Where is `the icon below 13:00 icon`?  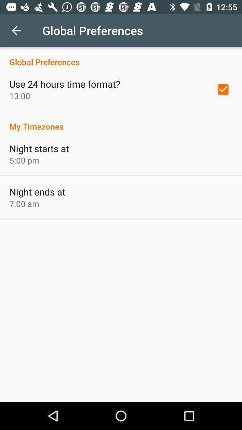 the icon below 13:00 icon is located at coordinates (121, 121).